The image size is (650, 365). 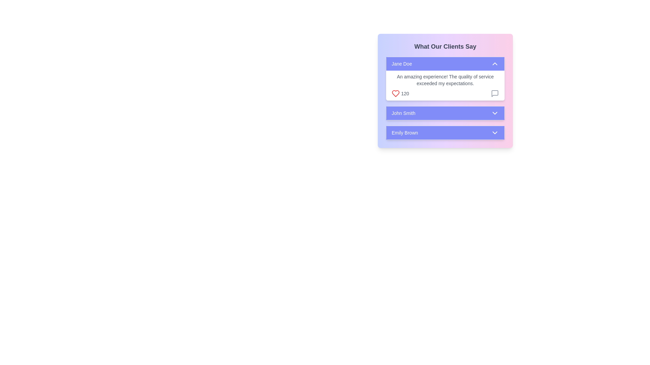 What do you see at coordinates (495, 94) in the screenshot?
I see `the message bubble icon in the client feedback section associated with 'Jane Doe'` at bounding box center [495, 94].